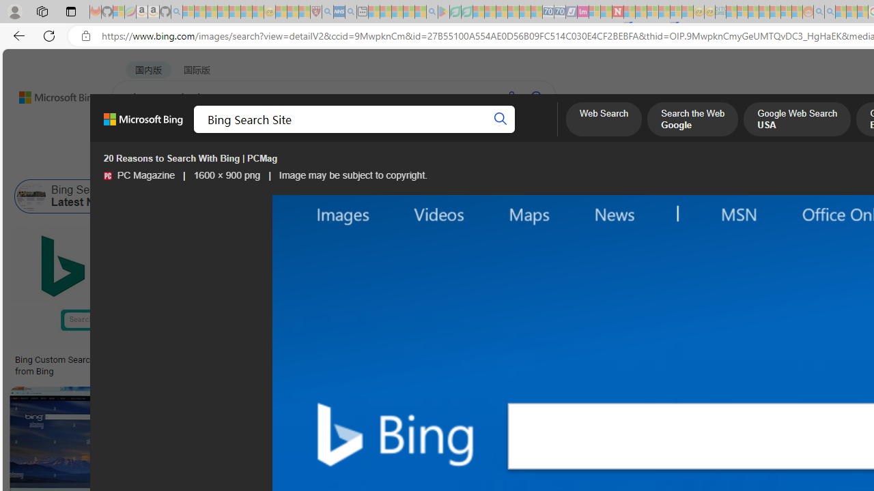  Describe the element at coordinates (353, 175) in the screenshot. I see `'Image may be subject to copyright.'` at that location.